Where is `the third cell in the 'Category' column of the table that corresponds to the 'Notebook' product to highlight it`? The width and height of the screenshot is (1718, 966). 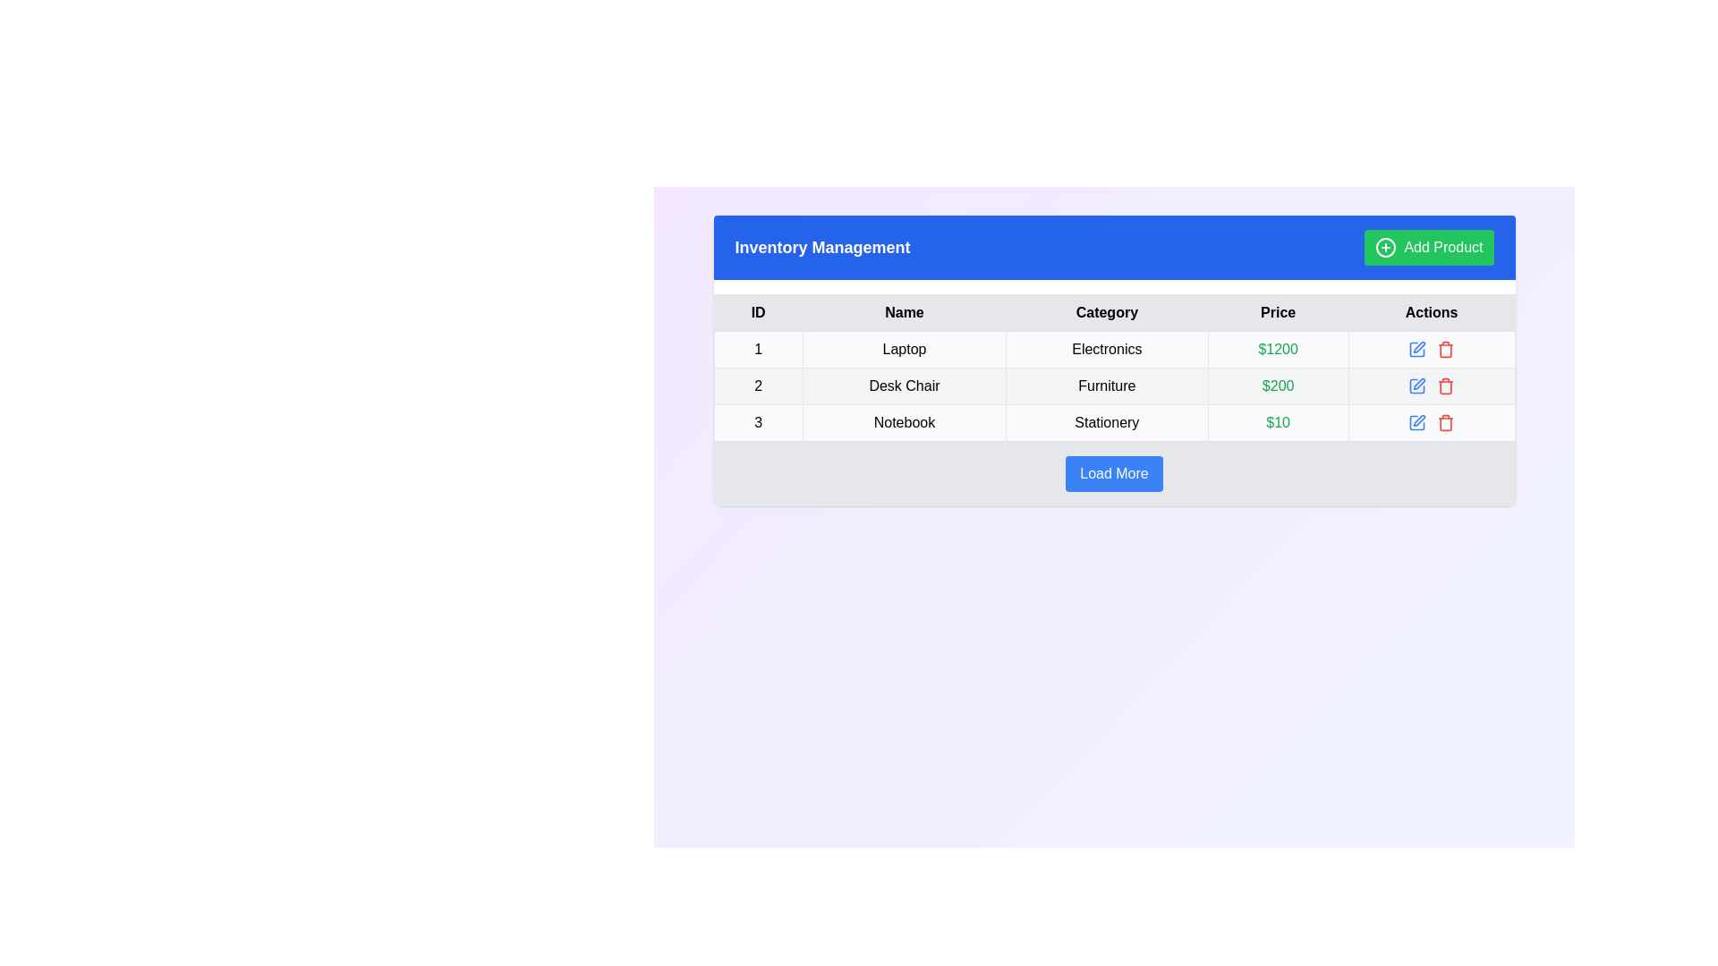 the third cell in the 'Category' column of the table that corresponds to the 'Notebook' product to highlight it is located at coordinates (1106, 423).